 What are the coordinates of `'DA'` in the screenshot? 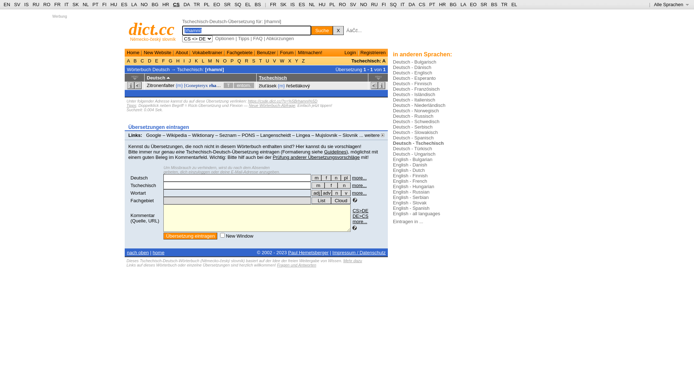 It's located at (187, 4).